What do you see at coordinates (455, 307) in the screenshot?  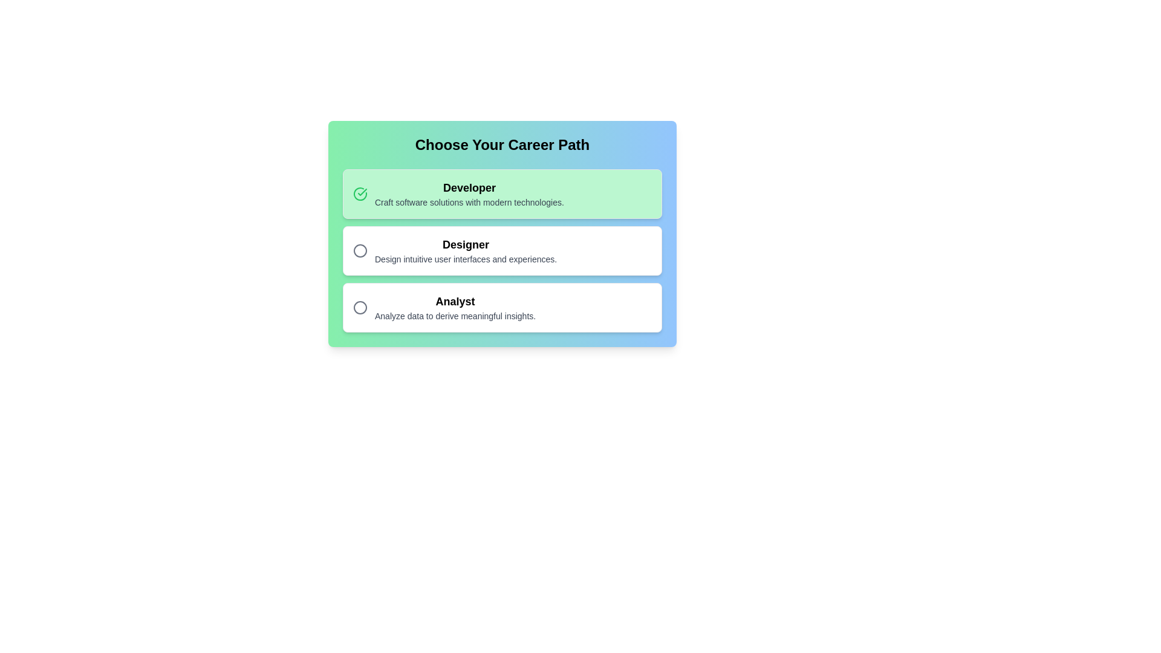 I see `the text block in the third card that displays the title 'Analyst' and the subtitle 'Analyze data to derive meaningful insights.'` at bounding box center [455, 307].